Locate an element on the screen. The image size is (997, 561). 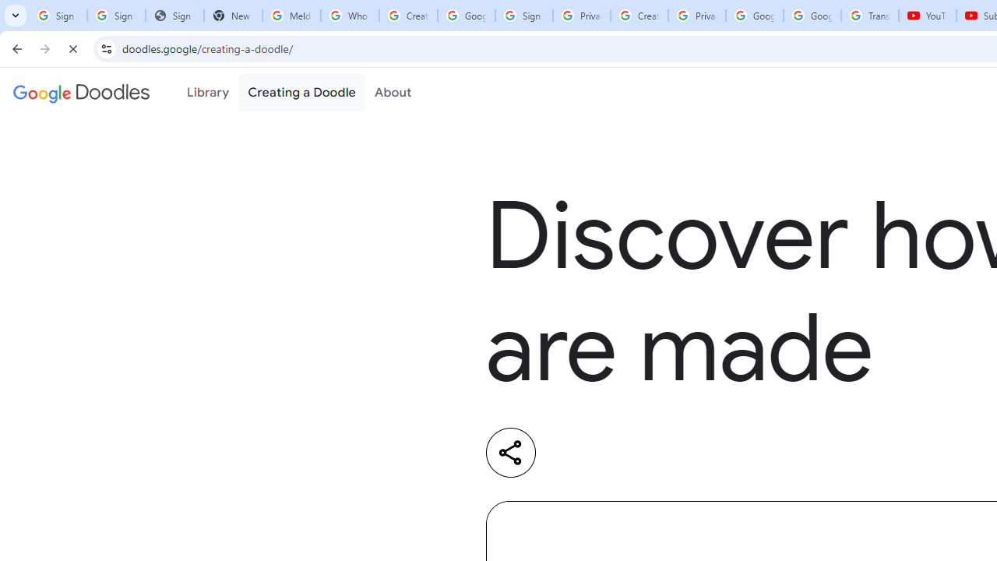
'Creating a Doodle' is located at coordinates (301, 93).